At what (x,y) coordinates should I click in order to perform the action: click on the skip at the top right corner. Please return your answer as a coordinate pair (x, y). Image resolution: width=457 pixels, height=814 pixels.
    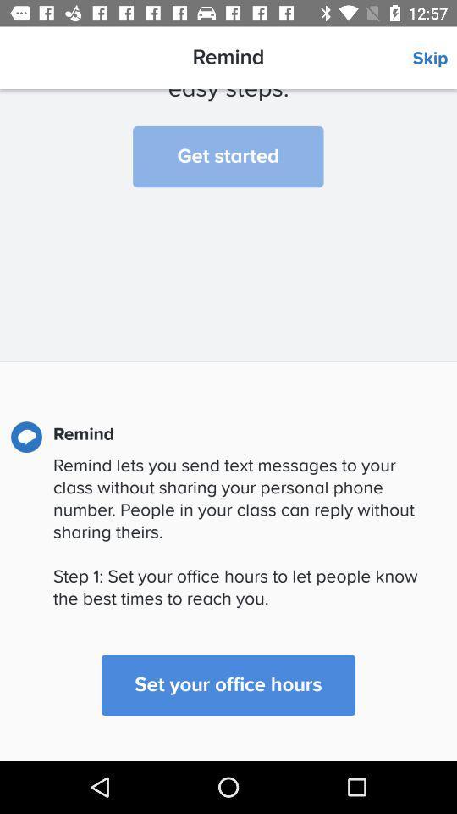
    Looking at the image, I should click on (434, 59).